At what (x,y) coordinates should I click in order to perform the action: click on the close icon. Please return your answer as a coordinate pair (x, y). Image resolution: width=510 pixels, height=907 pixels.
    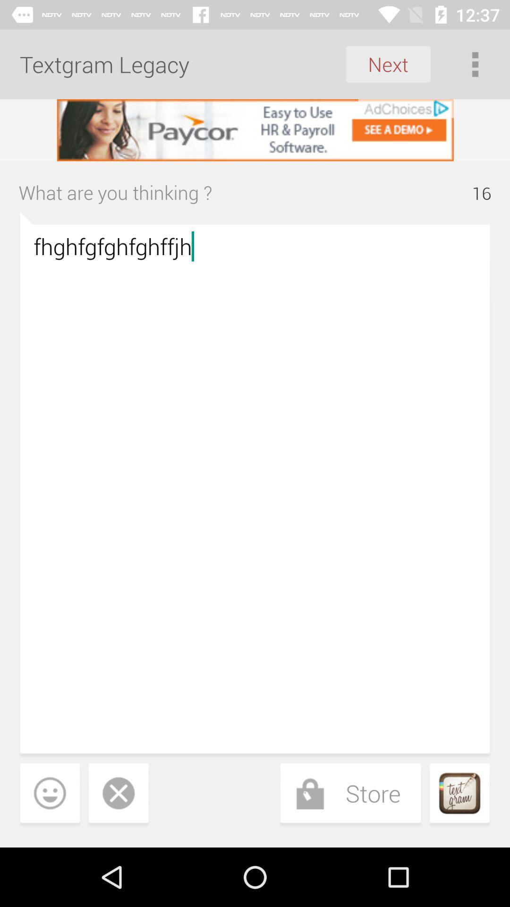
    Looking at the image, I should click on (118, 795).